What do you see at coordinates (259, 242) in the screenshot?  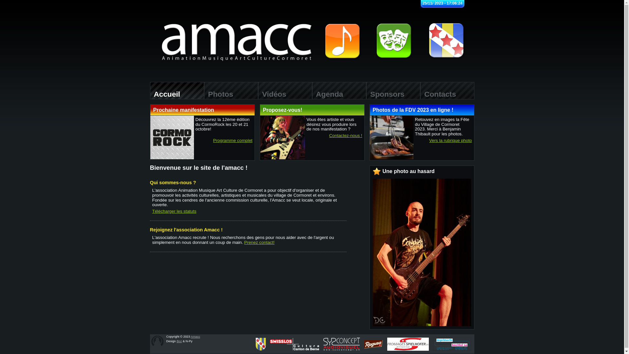 I see `'Prenez contact!'` at bounding box center [259, 242].